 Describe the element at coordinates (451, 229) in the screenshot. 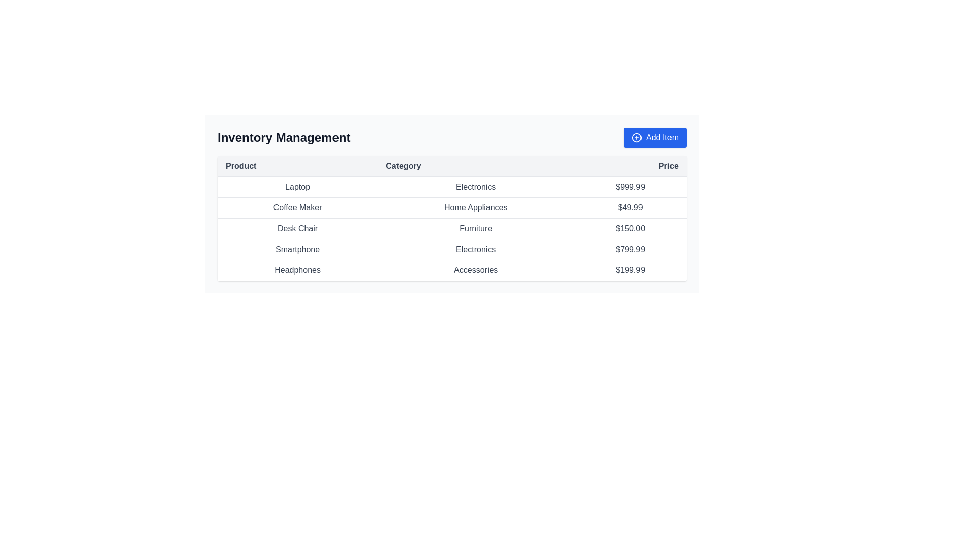

I see `the table row displaying 'Desk Chair' under the 'Product' column for options` at that location.